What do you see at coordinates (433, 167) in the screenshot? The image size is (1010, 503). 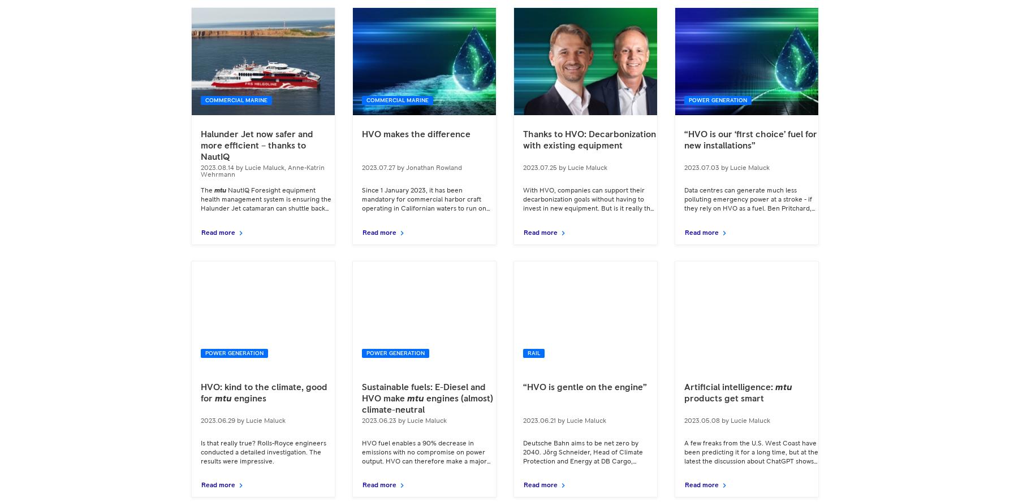 I see `'Jonathan Rowland'` at bounding box center [433, 167].